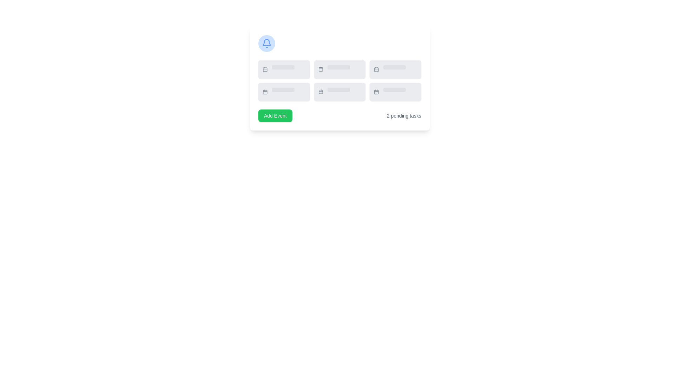  I want to click on Skeleton placeholder element, which is the upper section of a card-like item located in the middle column of a three-column grid, so click(339, 67).